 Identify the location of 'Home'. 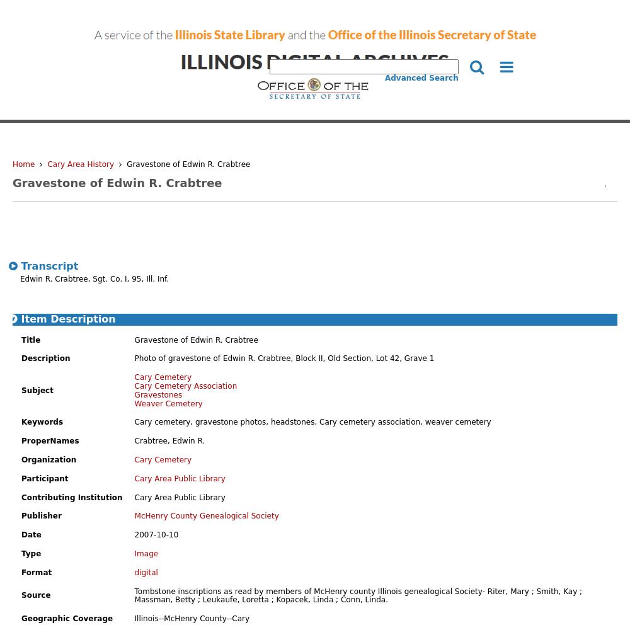
(23, 164).